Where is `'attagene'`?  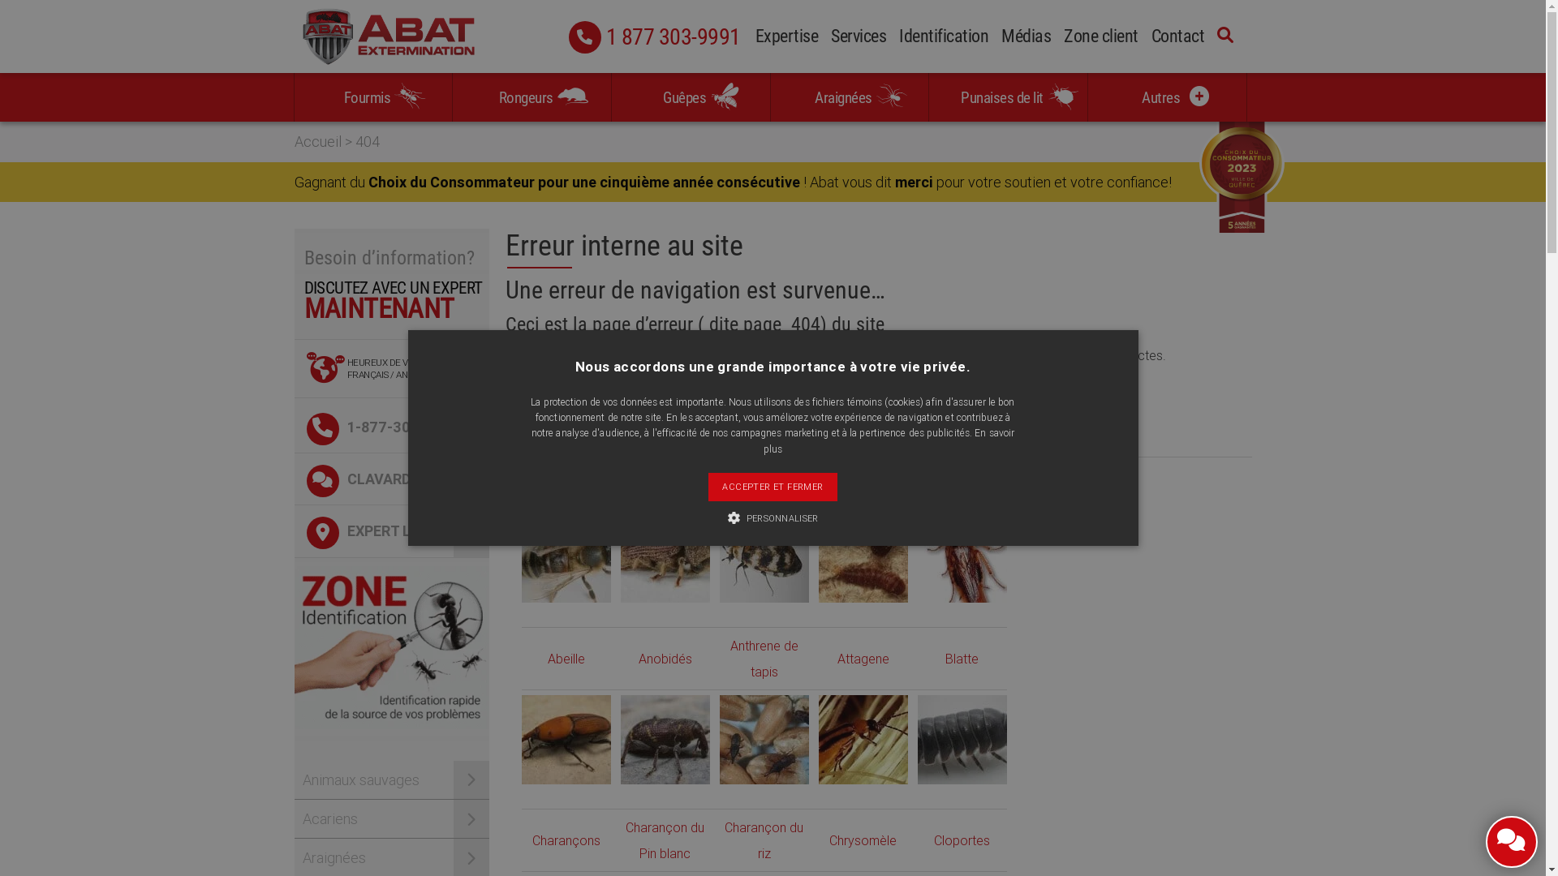 'attagene' is located at coordinates (861, 556).